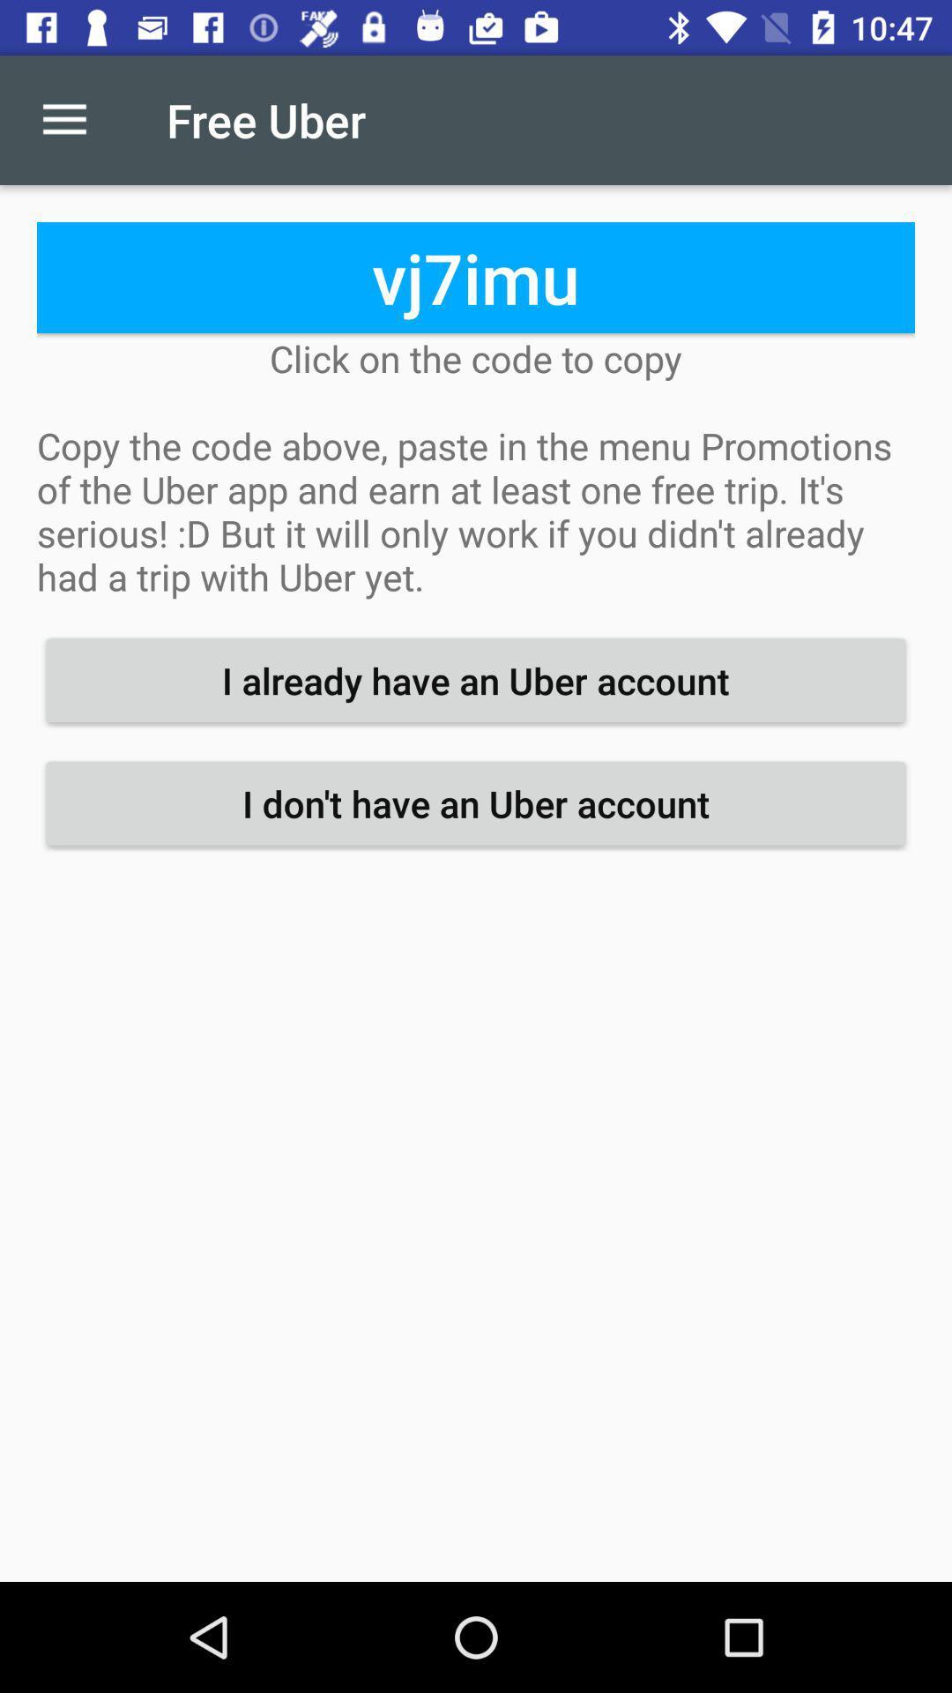 This screenshot has height=1693, width=952. I want to click on i don t item, so click(476, 802).